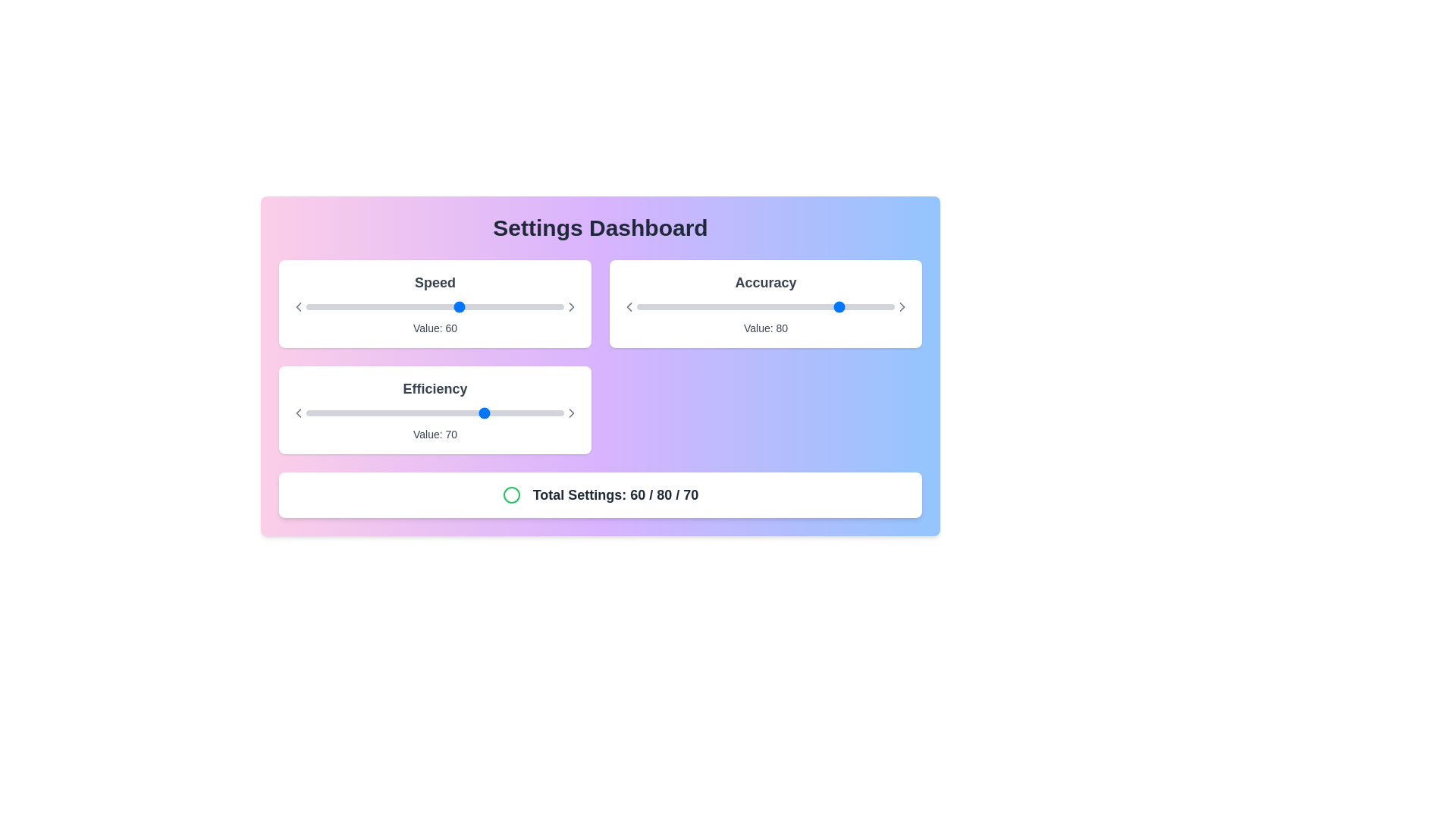 This screenshot has height=819, width=1456. What do you see at coordinates (511, 494) in the screenshot?
I see `the circular graphical icon with a green stroke located to the left of the text 'Total Settings: 60 / 80 / 70'` at bounding box center [511, 494].